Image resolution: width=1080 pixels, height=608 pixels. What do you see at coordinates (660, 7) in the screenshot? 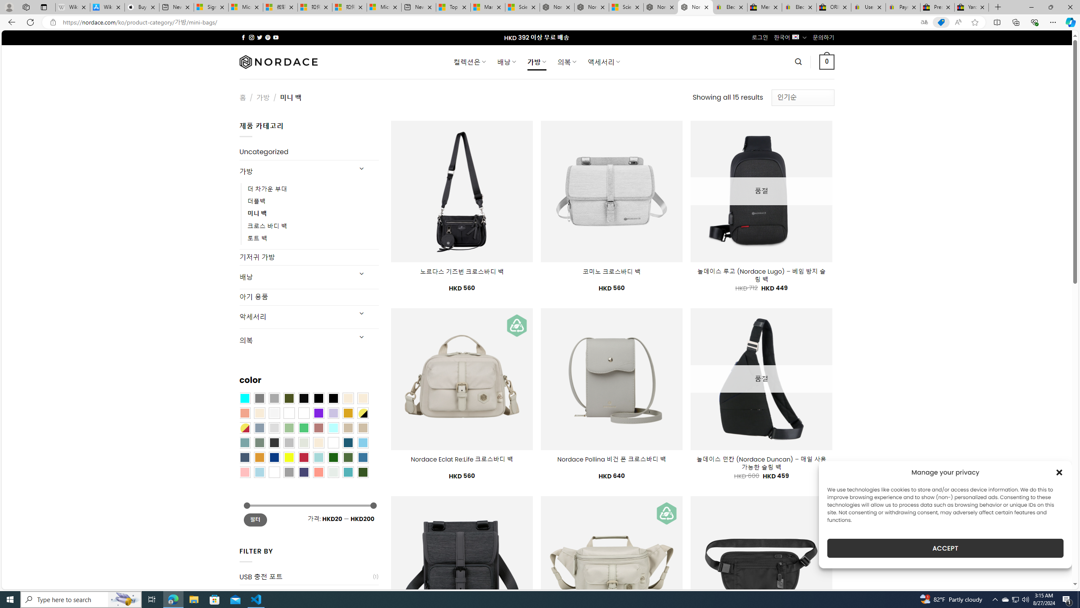
I see `'Nordace - Summer Adventures 2024'` at bounding box center [660, 7].